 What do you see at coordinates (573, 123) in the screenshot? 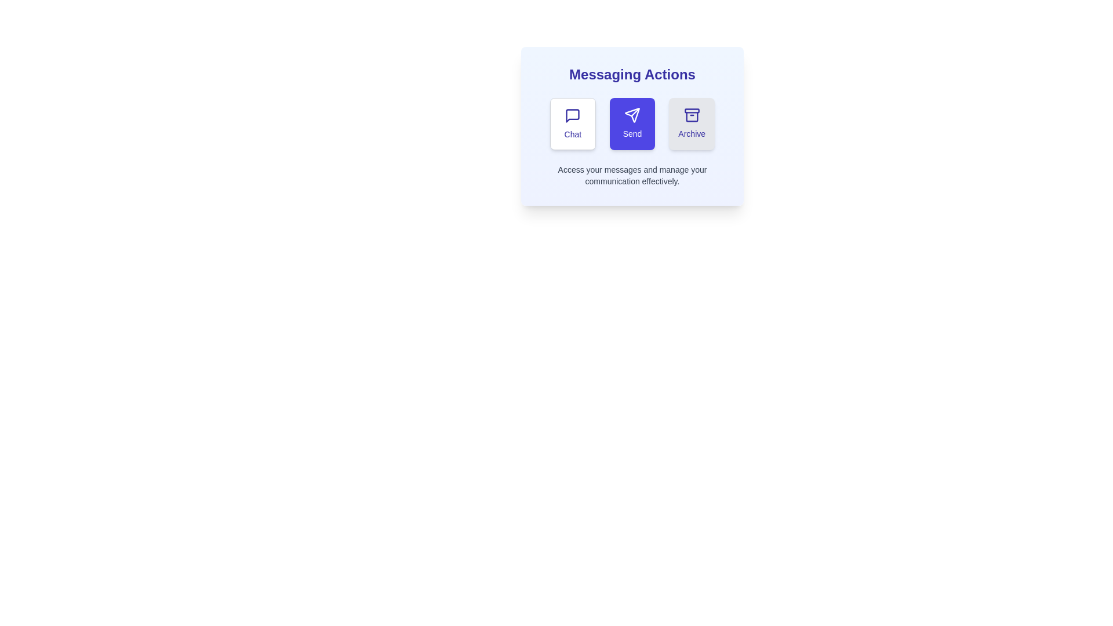
I see `the 'Chat' button` at bounding box center [573, 123].